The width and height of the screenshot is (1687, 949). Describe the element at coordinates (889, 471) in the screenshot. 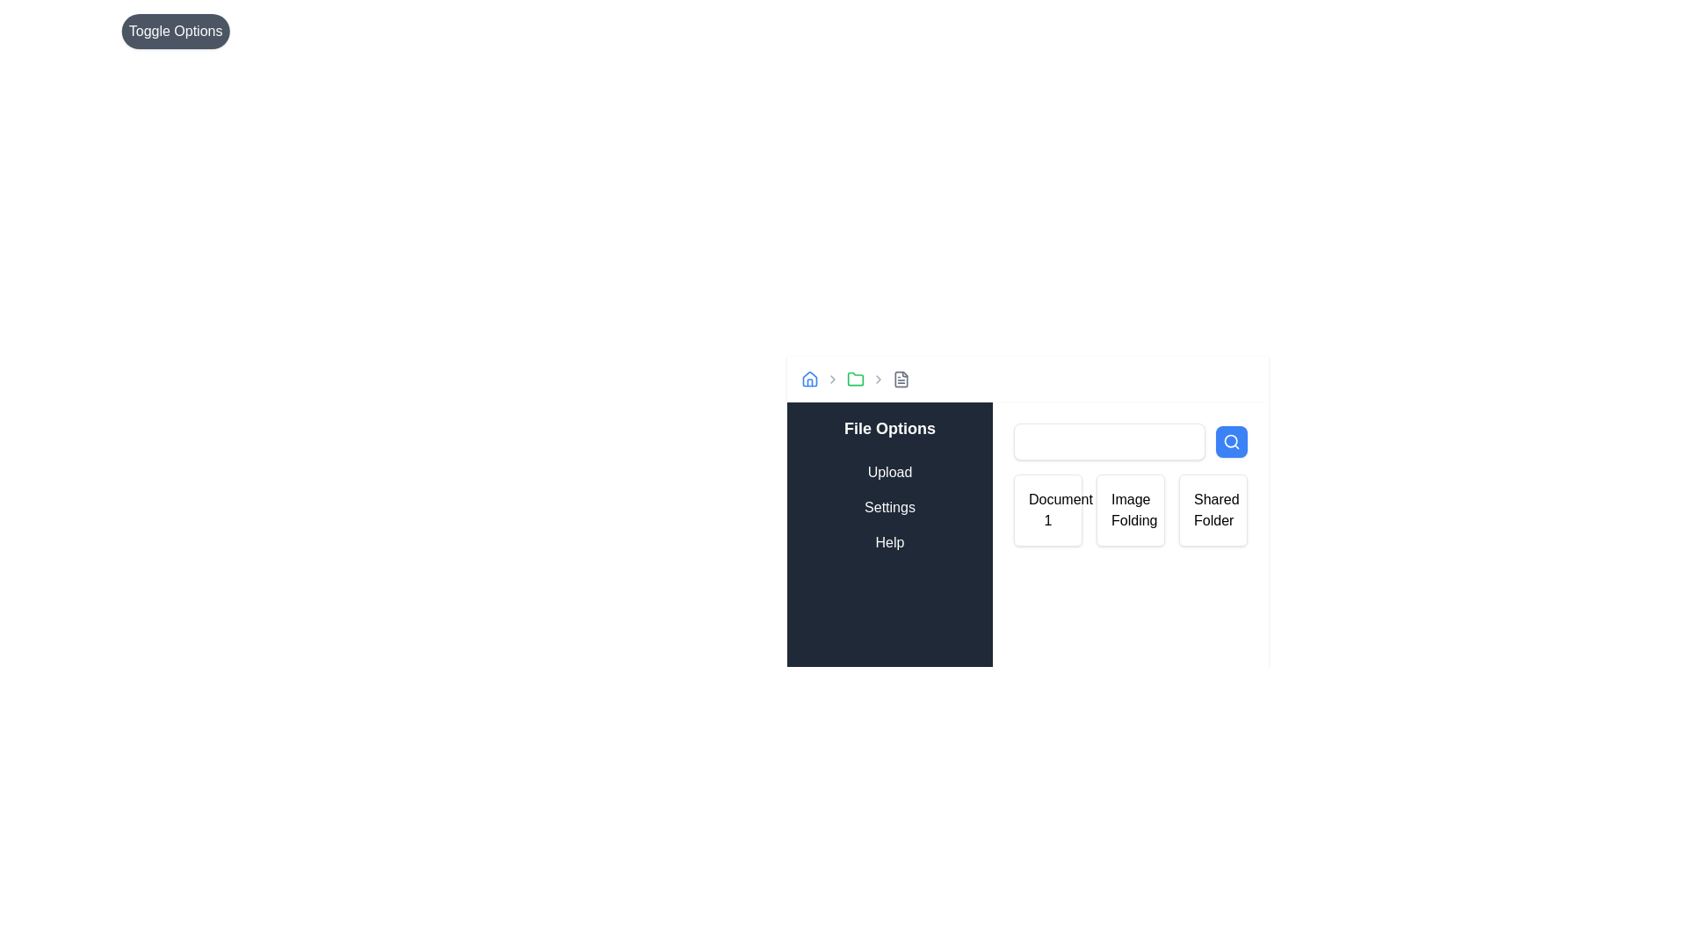

I see `the 'Upload' button located at the top of the 'File Options' sidebar to initiate the upload process` at that location.